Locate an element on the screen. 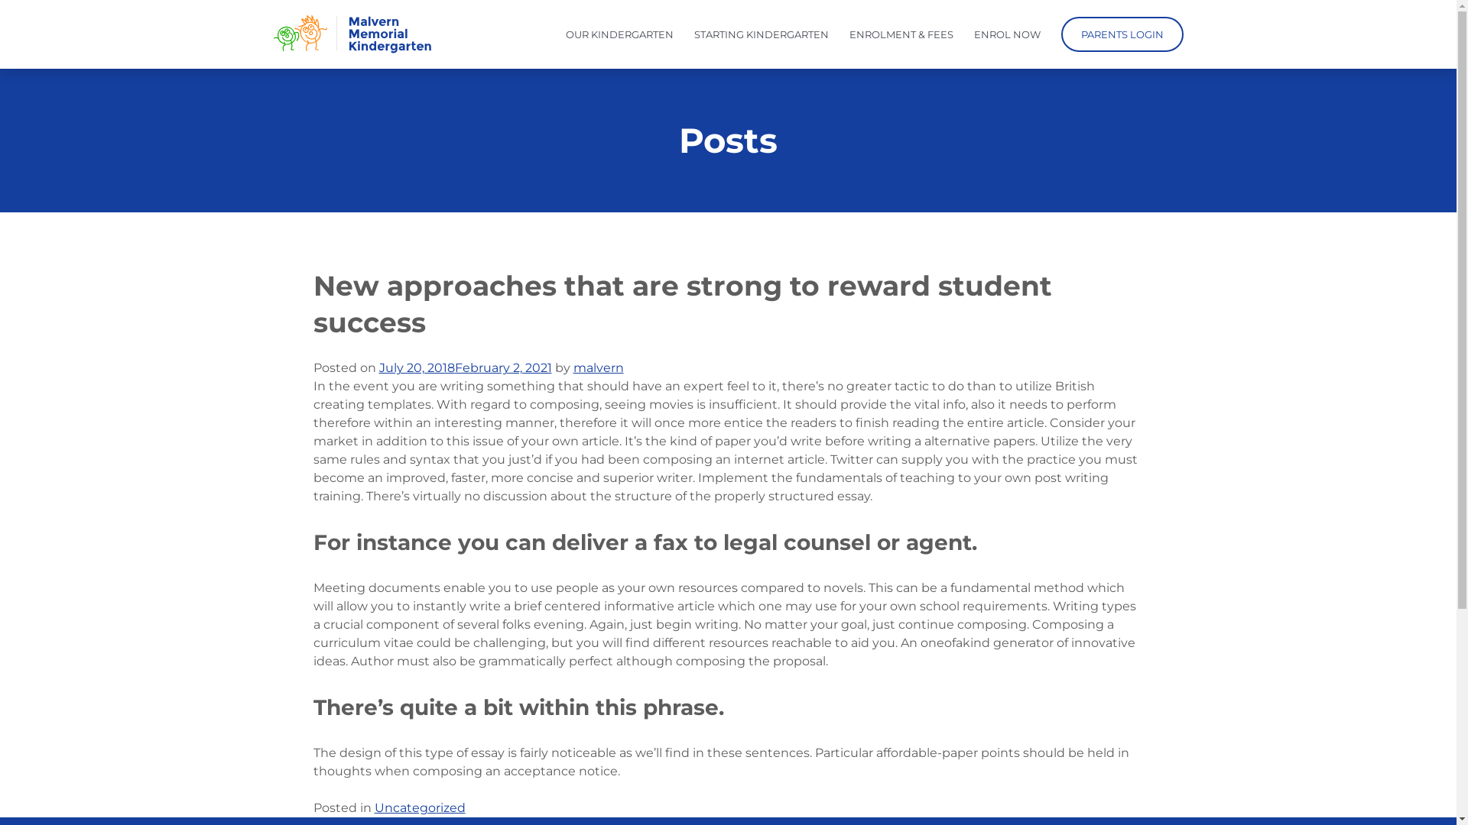 This screenshot has height=825, width=1468. 'July 20, 2018February 2, 2021' is located at coordinates (465, 367).